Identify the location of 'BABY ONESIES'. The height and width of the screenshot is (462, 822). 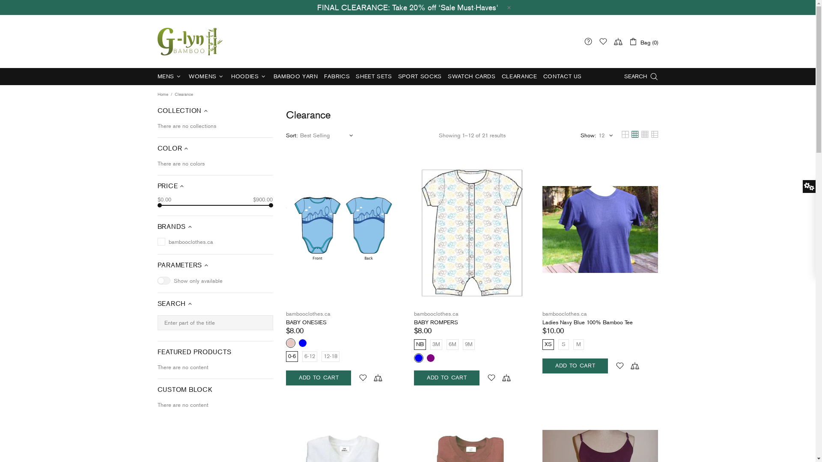
(306, 322).